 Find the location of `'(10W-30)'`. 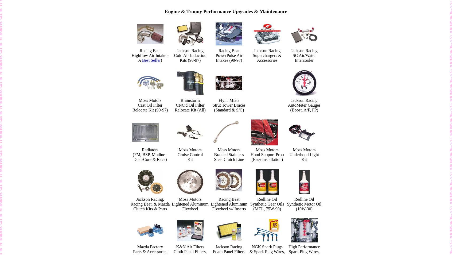

'(10W-30)' is located at coordinates (304, 209).